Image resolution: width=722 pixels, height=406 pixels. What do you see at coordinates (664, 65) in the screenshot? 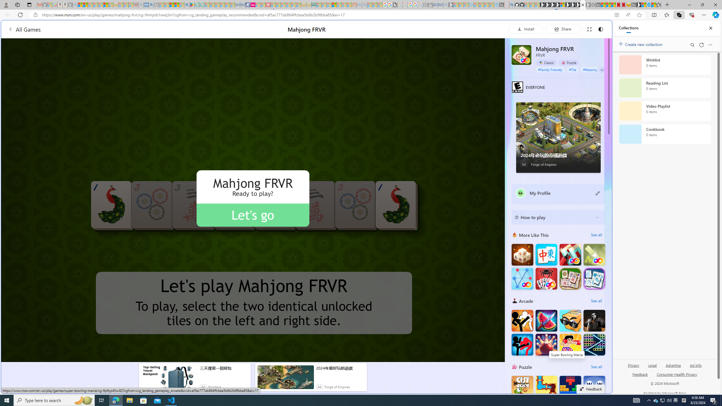
I see `'Wishlist collection, 0 items'` at bounding box center [664, 65].